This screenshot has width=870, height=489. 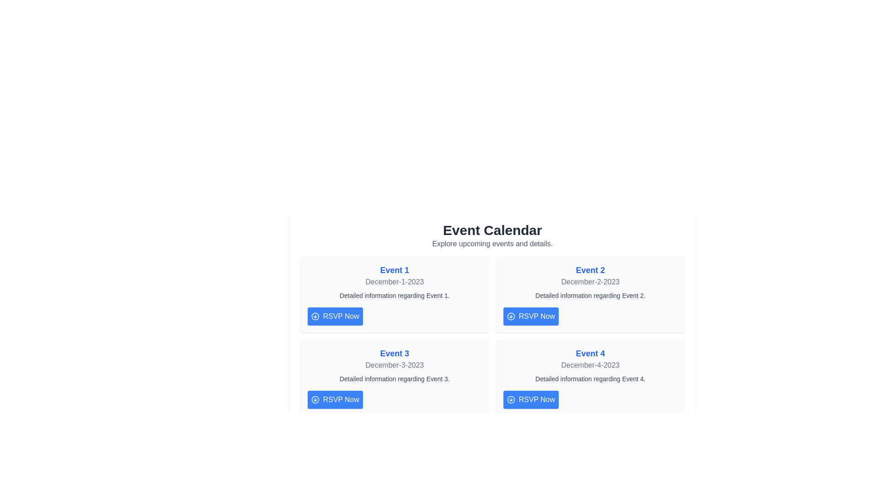 I want to click on the circular icon with a blue outline and white background, located inside the RSVP button of the fourth event card in the event calendar, so click(x=511, y=399).